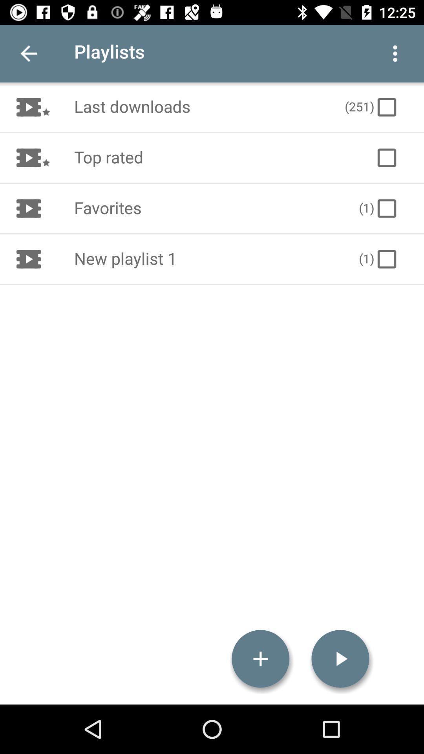 This screenshot has width=424, height=754. I want to click on the icon to the left of the (251), so click(201, 107).